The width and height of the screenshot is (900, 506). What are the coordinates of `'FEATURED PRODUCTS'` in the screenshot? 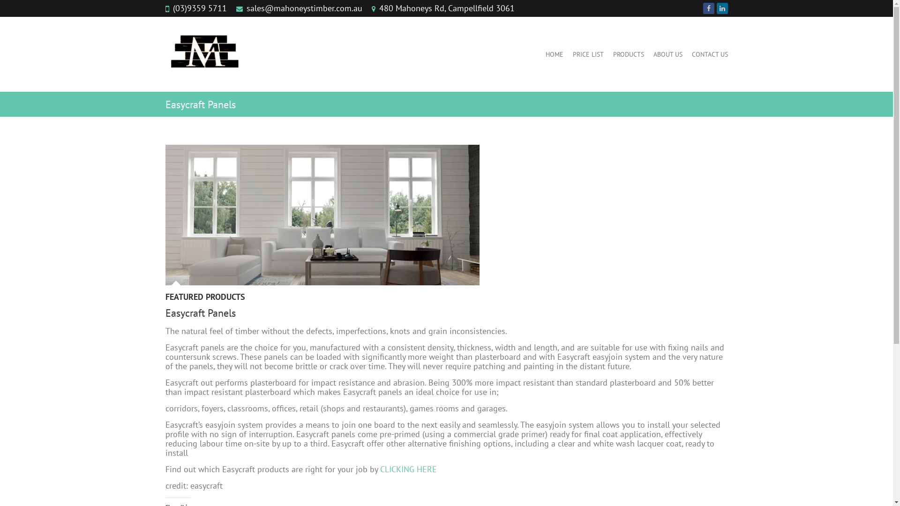 It's located at (204, 299).